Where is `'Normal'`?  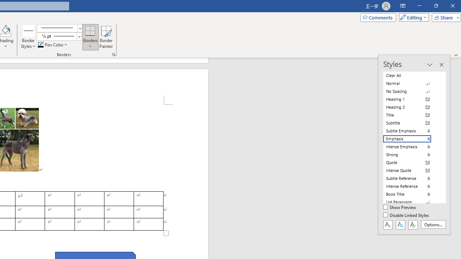
'Normal' is located at coordinates (411, 83).